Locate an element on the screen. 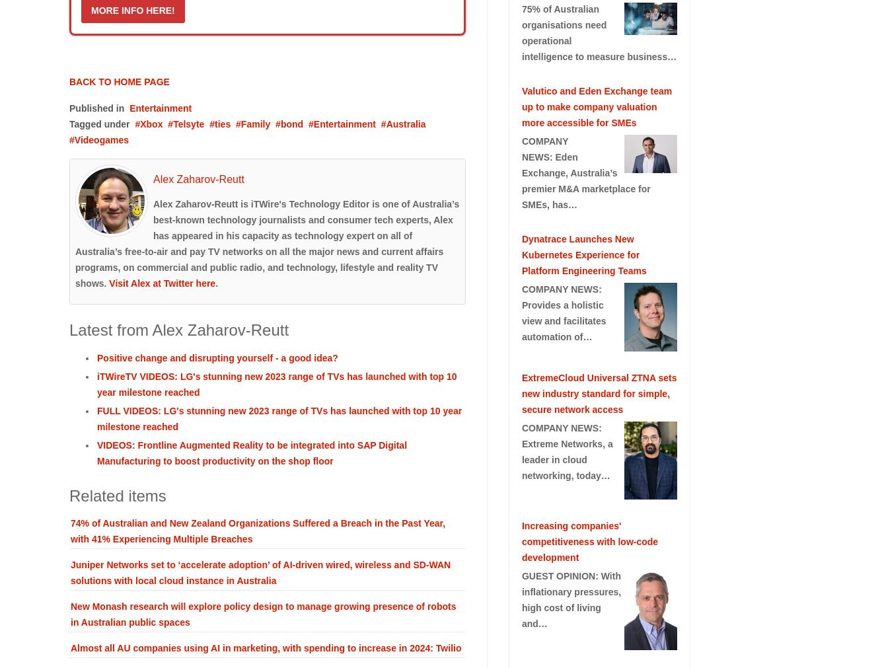 Image resolution: width=882 pixels, height=668 pixels. 'Almost all AU companies using AI in marketing, with spending to increase in 2024: Twilio' is located at coordinates (69, 648).